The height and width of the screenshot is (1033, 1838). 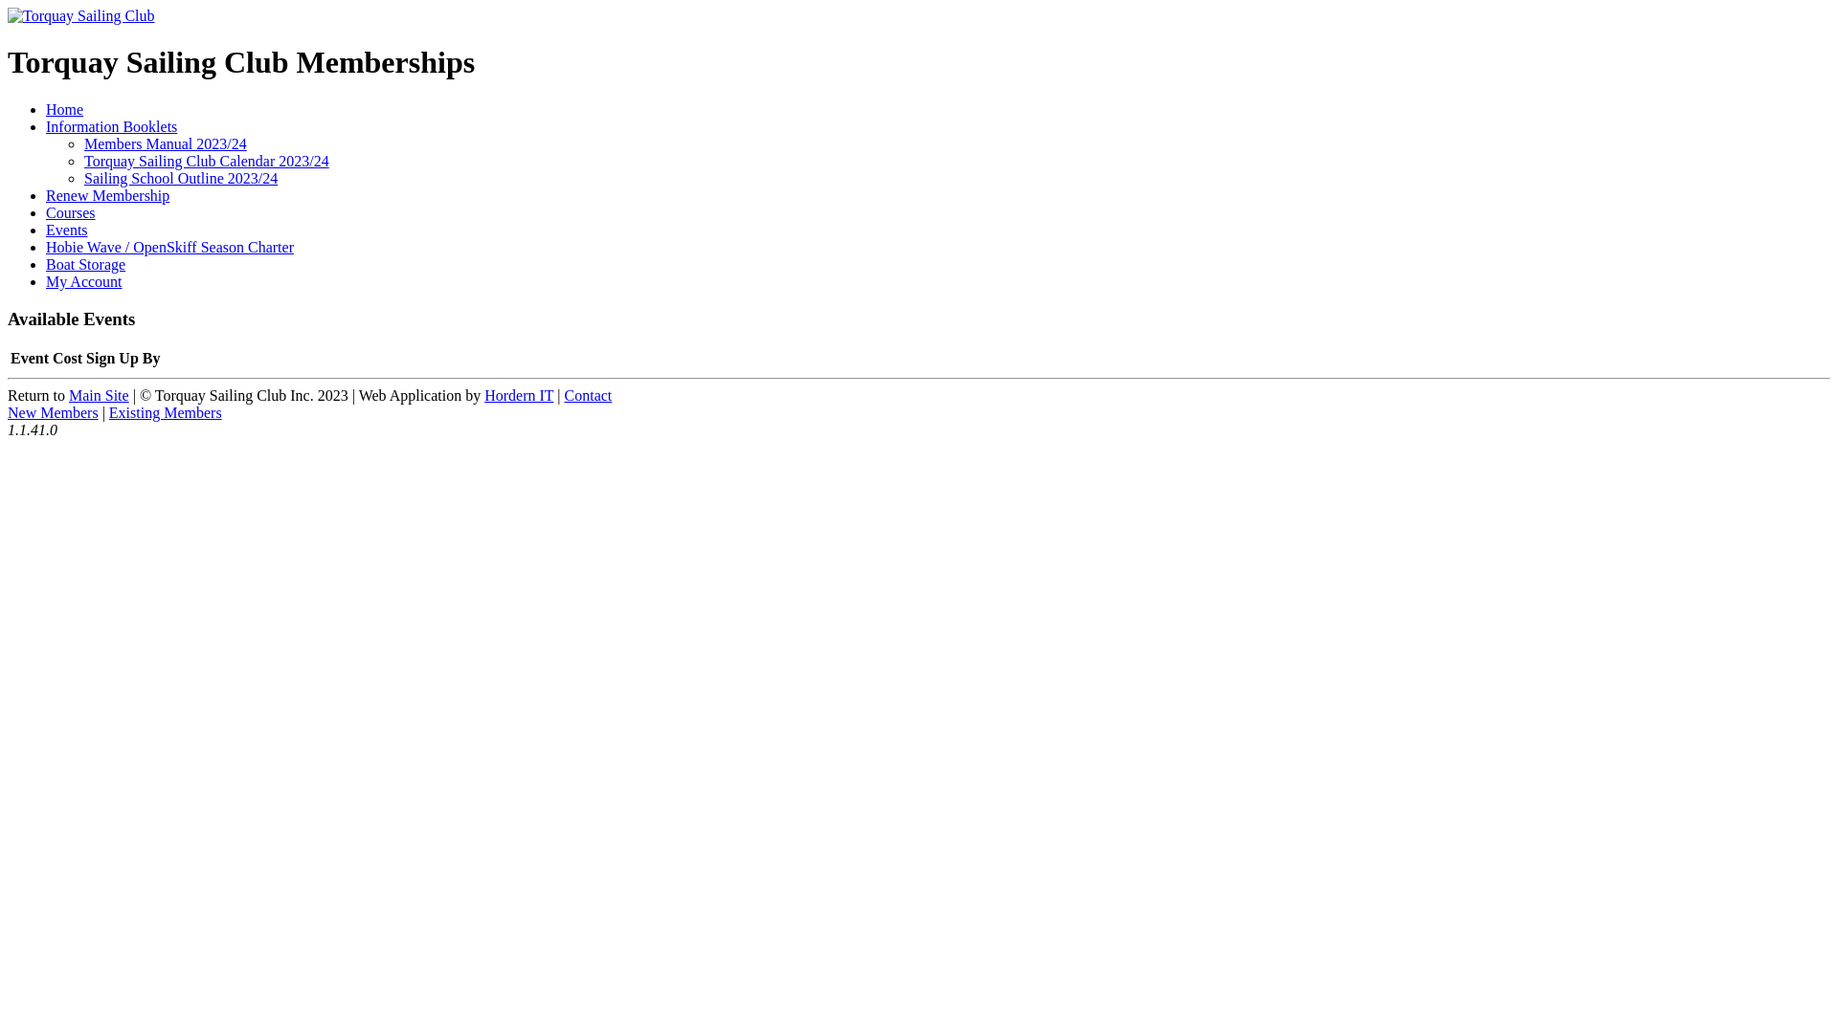 What do you see at coordinates (84, 264) in the screenshot?
I see `'Boat Storage'` at bounding box center [84, 264].